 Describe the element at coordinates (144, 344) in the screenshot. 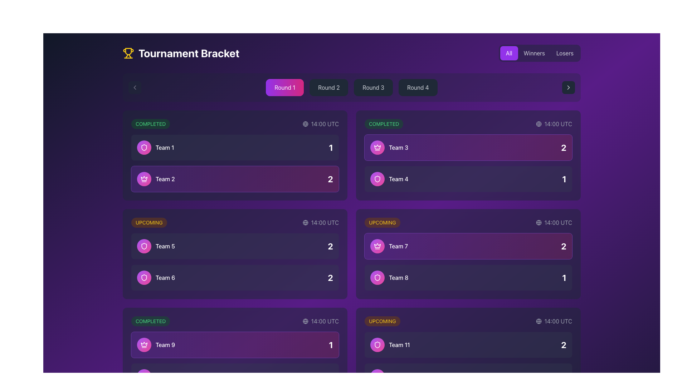

I see `the crown-shaped icon located to the left of the labeled text 'Team 2' in the 'Completed' section` at that location.